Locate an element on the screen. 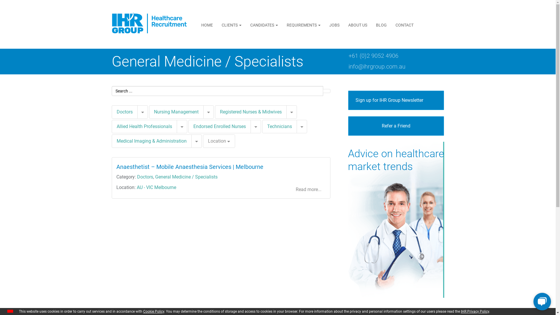 This screenshot has width=560, height=315. 'Allied Health Professionals' is located at coordinates (144, 126).